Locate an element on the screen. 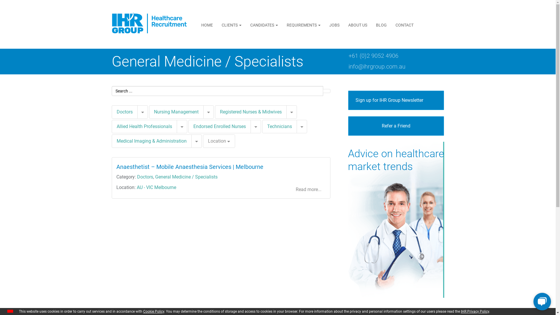 This screenshot has width=560, height=315. 'Allied Health Professionals' is located at coordinates (144, 126).